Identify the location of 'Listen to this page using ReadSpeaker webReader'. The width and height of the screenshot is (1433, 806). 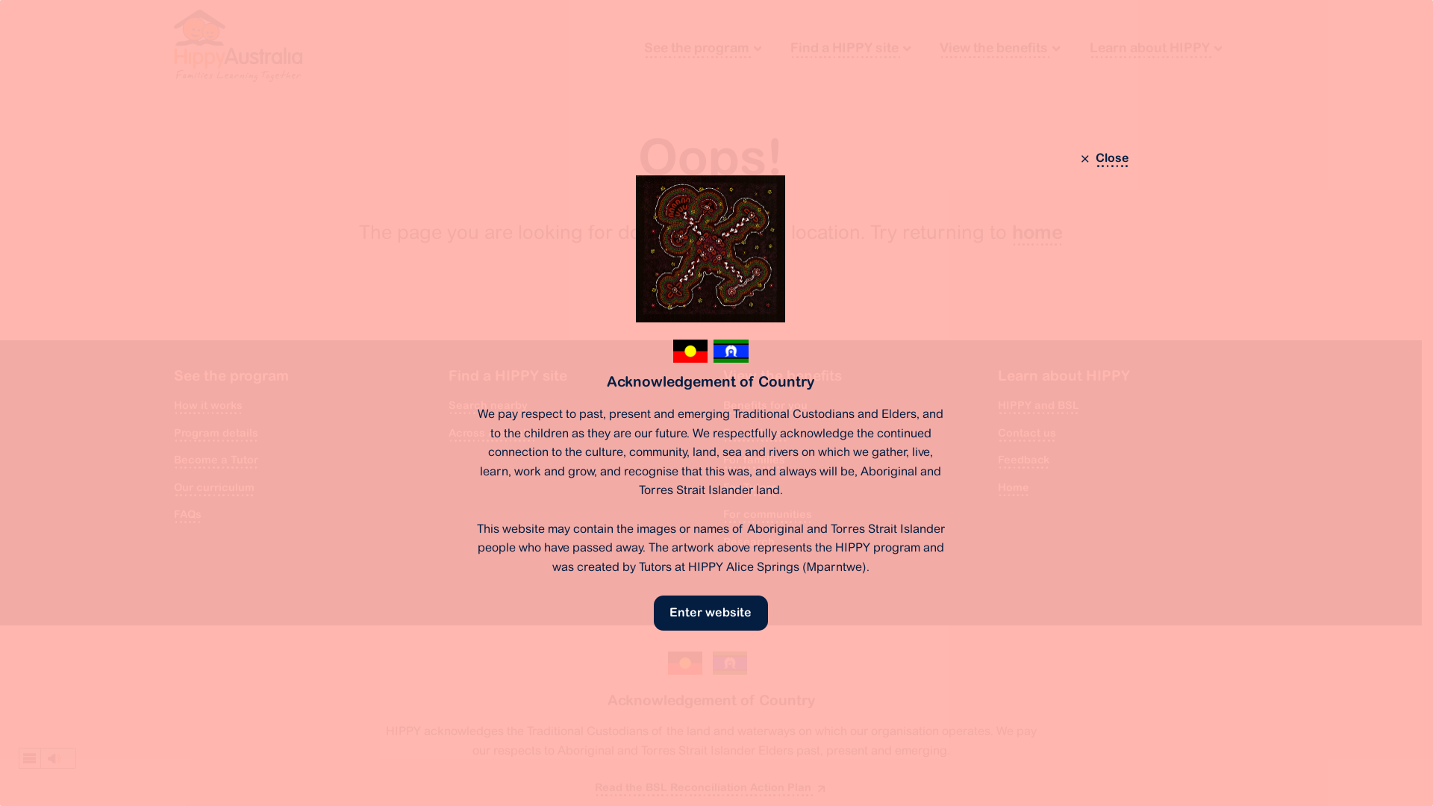
(47, 757).